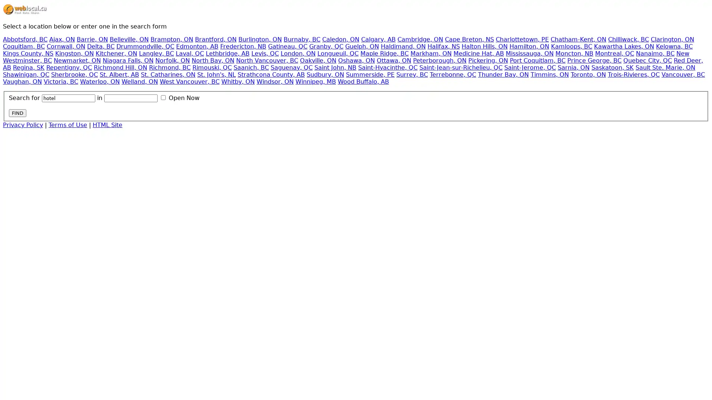 Image resolution: width=712 pixels, height=400 pixels. Describe the element at coordinates (17, 113) in the screenshot. I see `FIND` at that location.